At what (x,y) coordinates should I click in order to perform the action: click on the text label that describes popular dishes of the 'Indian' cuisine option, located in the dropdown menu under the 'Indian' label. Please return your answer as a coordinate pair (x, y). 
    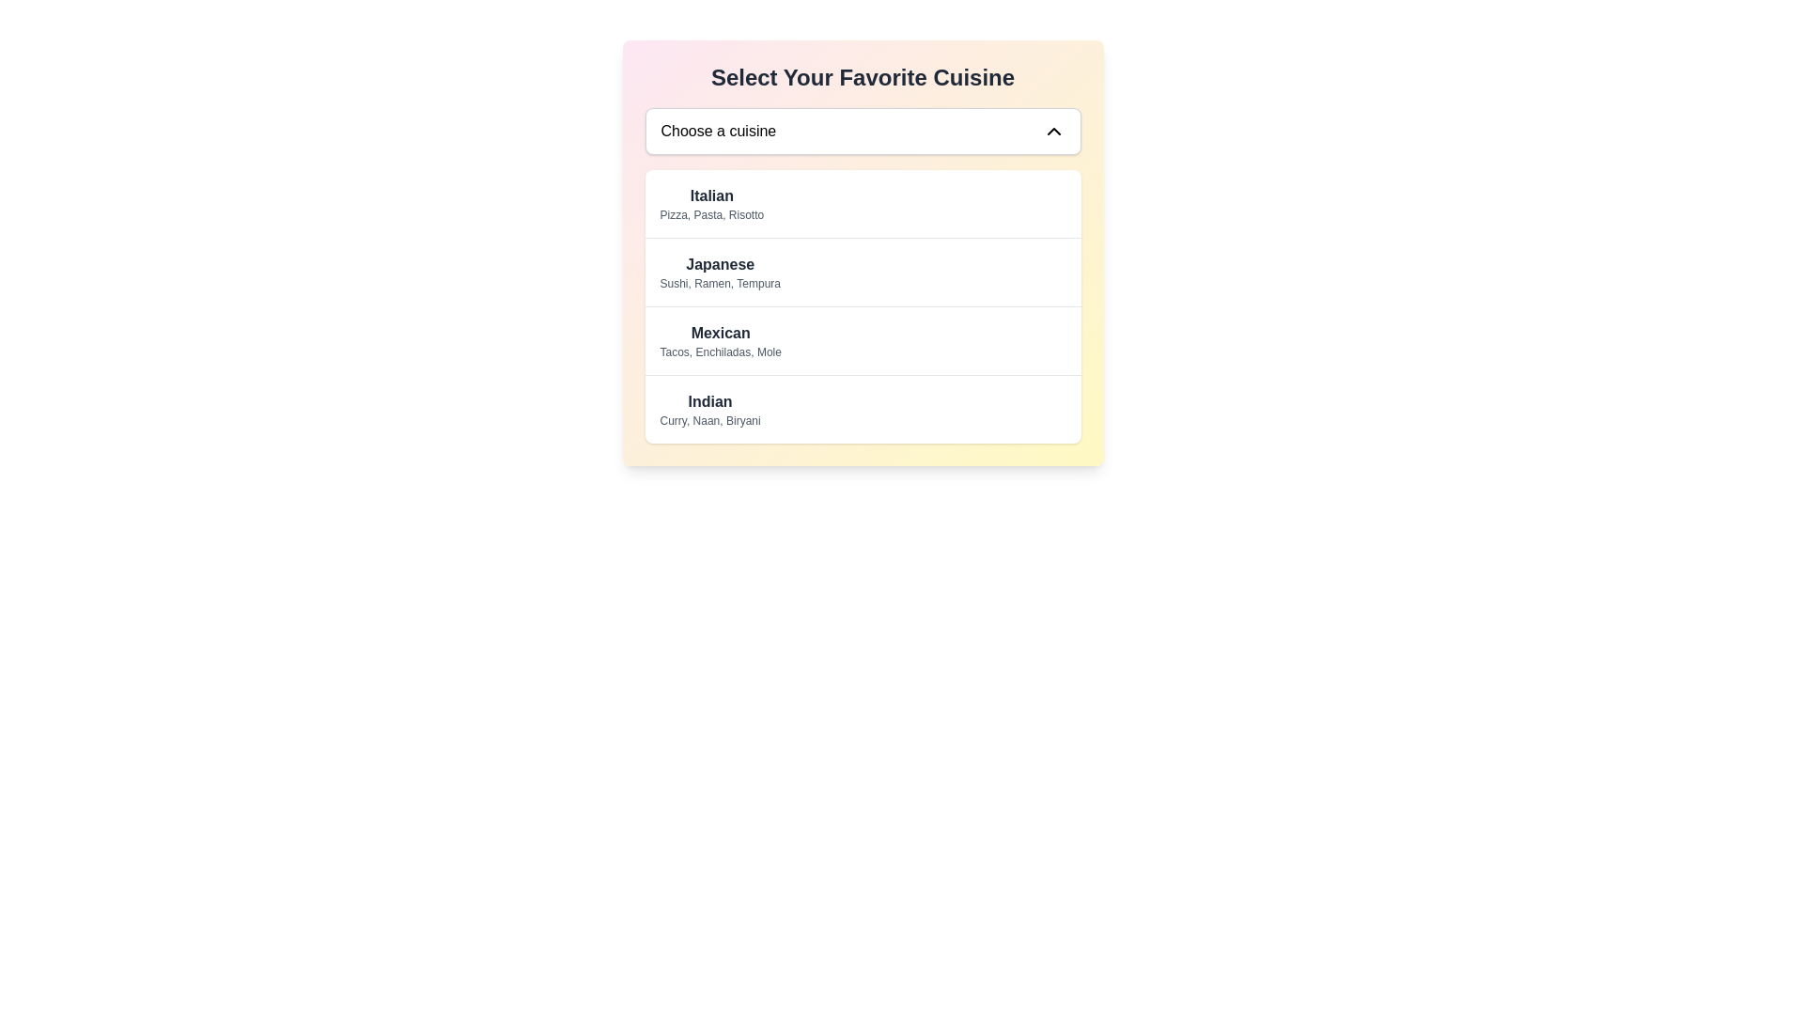
    Looking at the image, I should click on (709, 419).